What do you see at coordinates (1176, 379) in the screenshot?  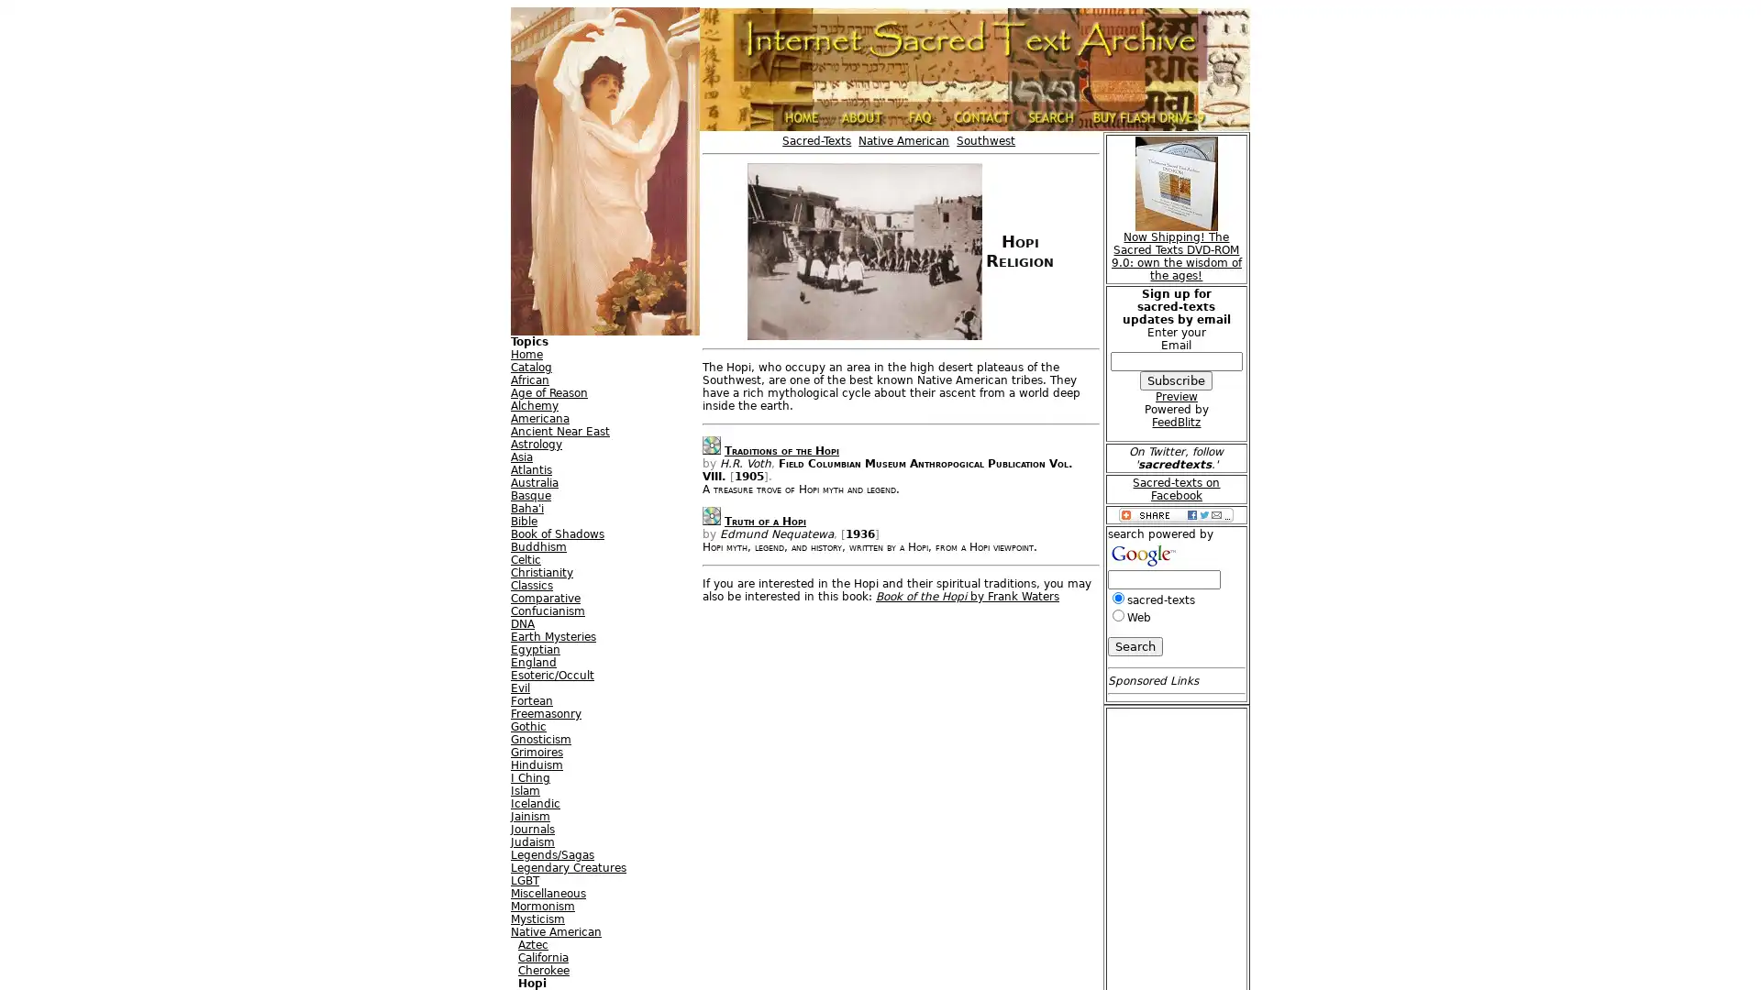 I see `Subscribe` at bounding box center [1176, 379].